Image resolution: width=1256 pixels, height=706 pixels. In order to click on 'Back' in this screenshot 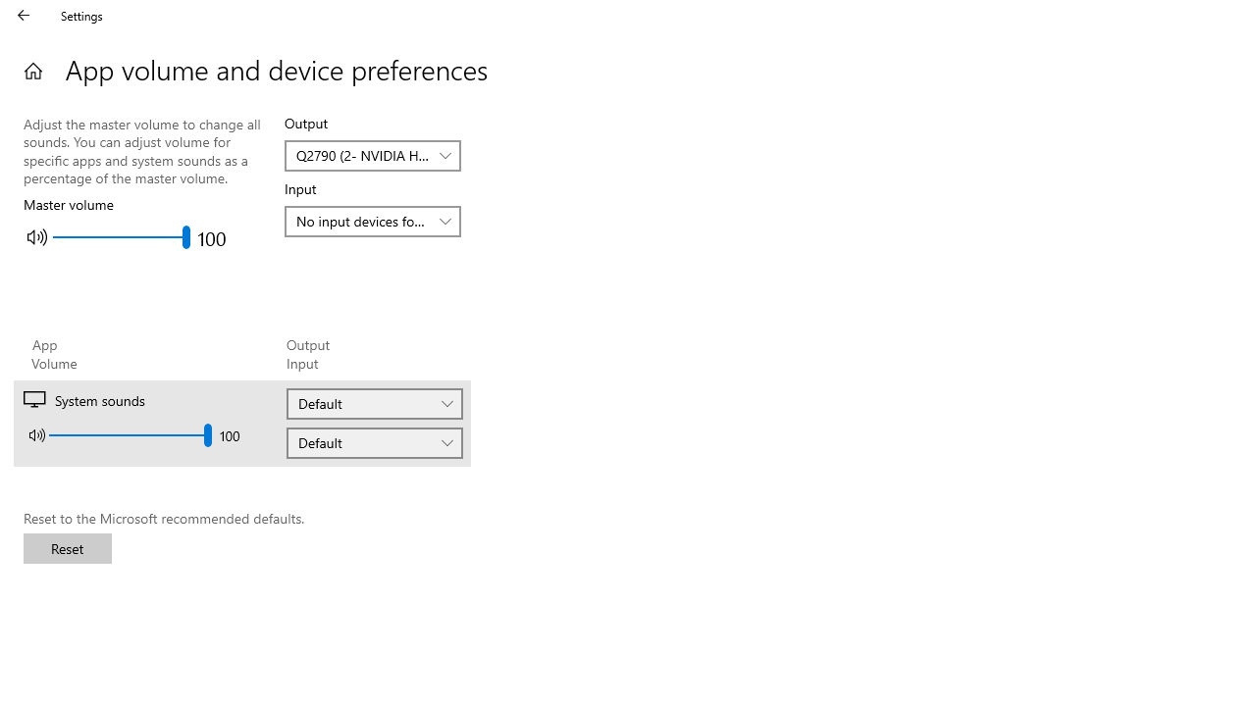, I will do `click(24, 15)`.